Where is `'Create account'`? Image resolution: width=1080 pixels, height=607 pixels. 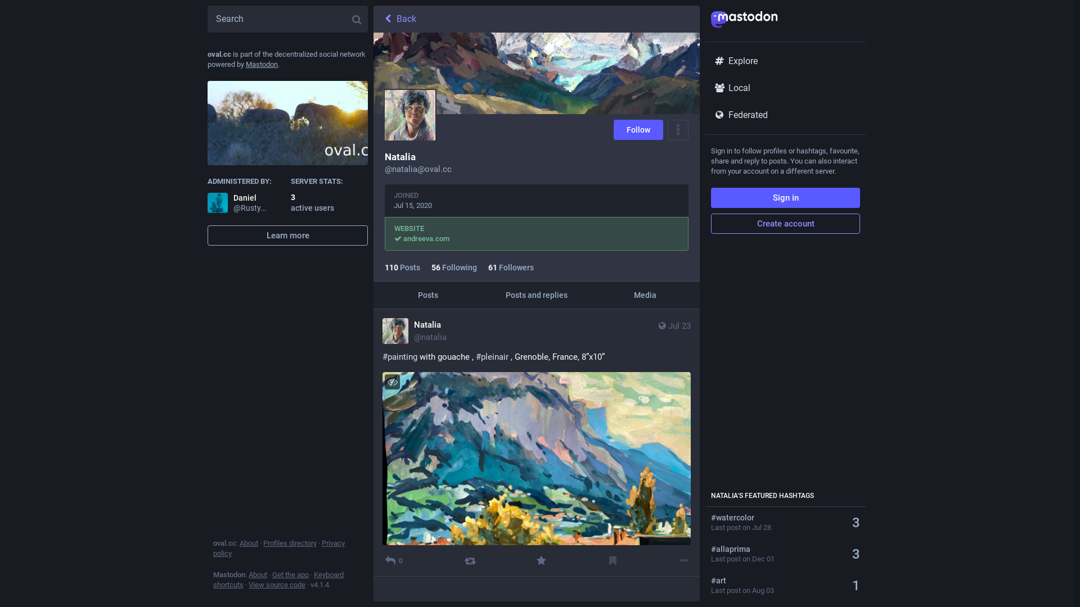
'Create account' is located at coordinates (785, 223).